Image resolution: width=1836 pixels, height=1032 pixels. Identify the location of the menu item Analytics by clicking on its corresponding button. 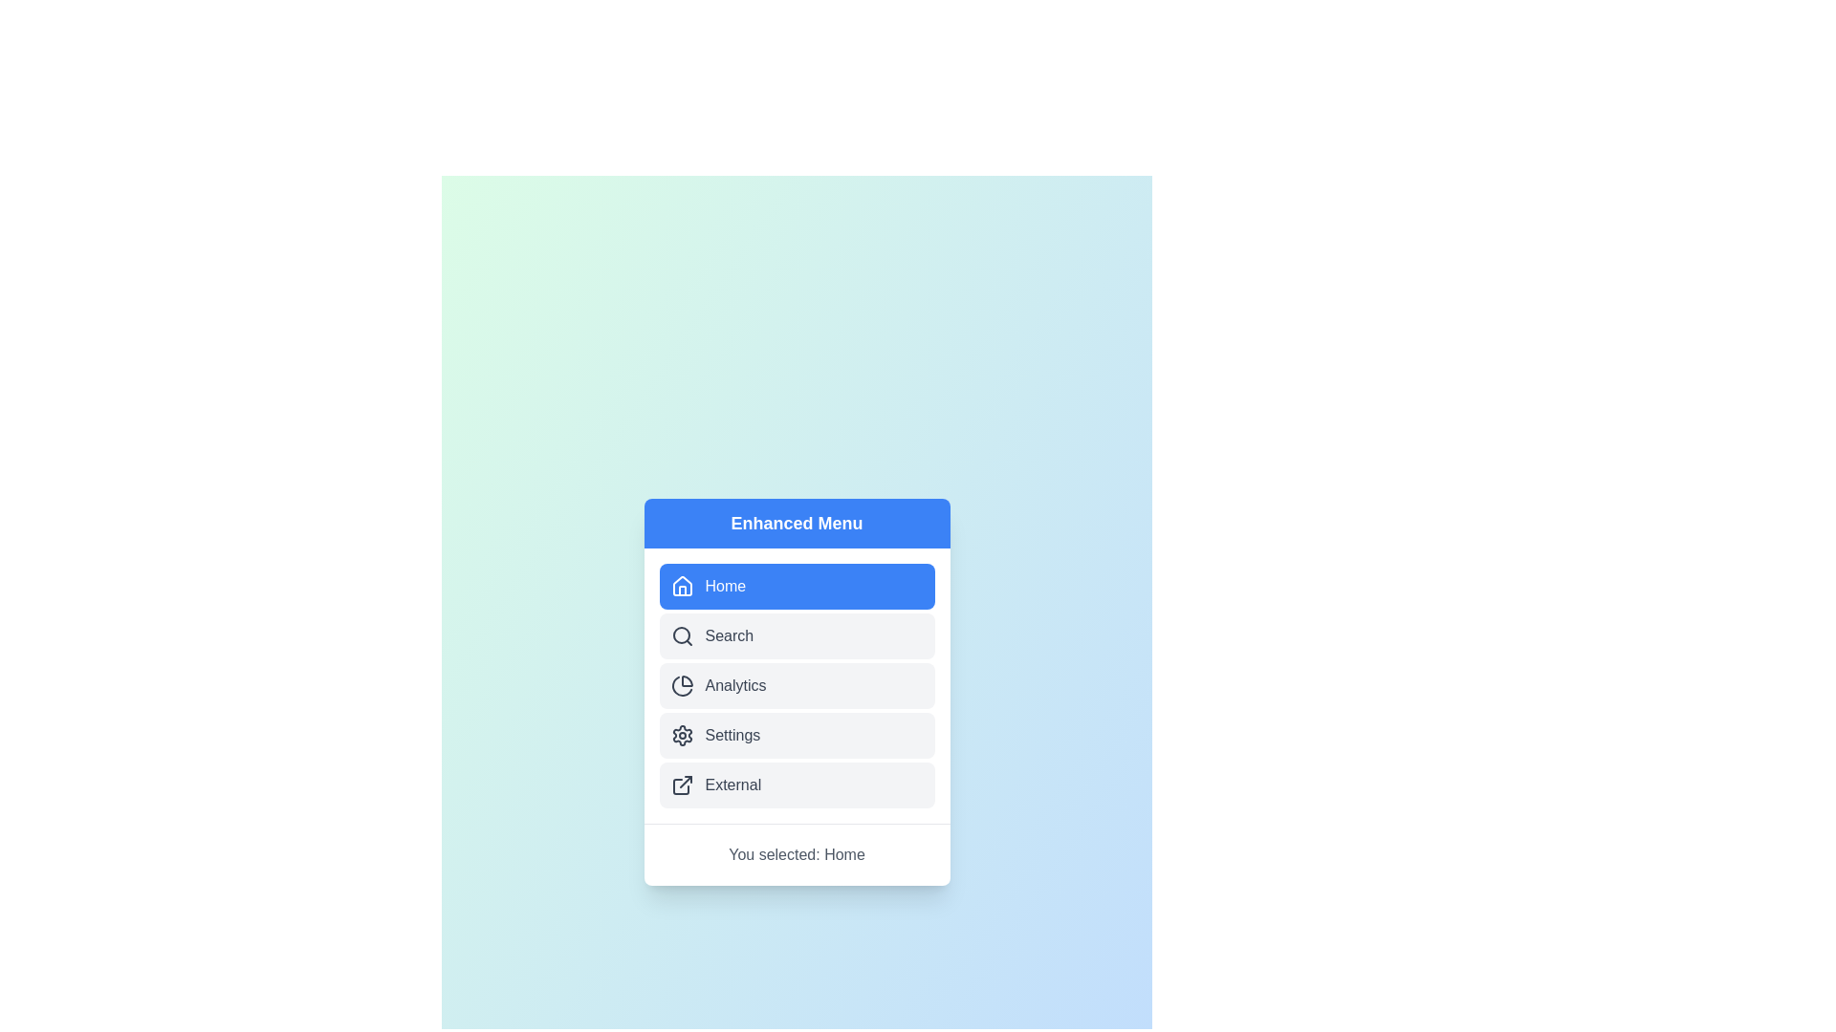
(797, 684).